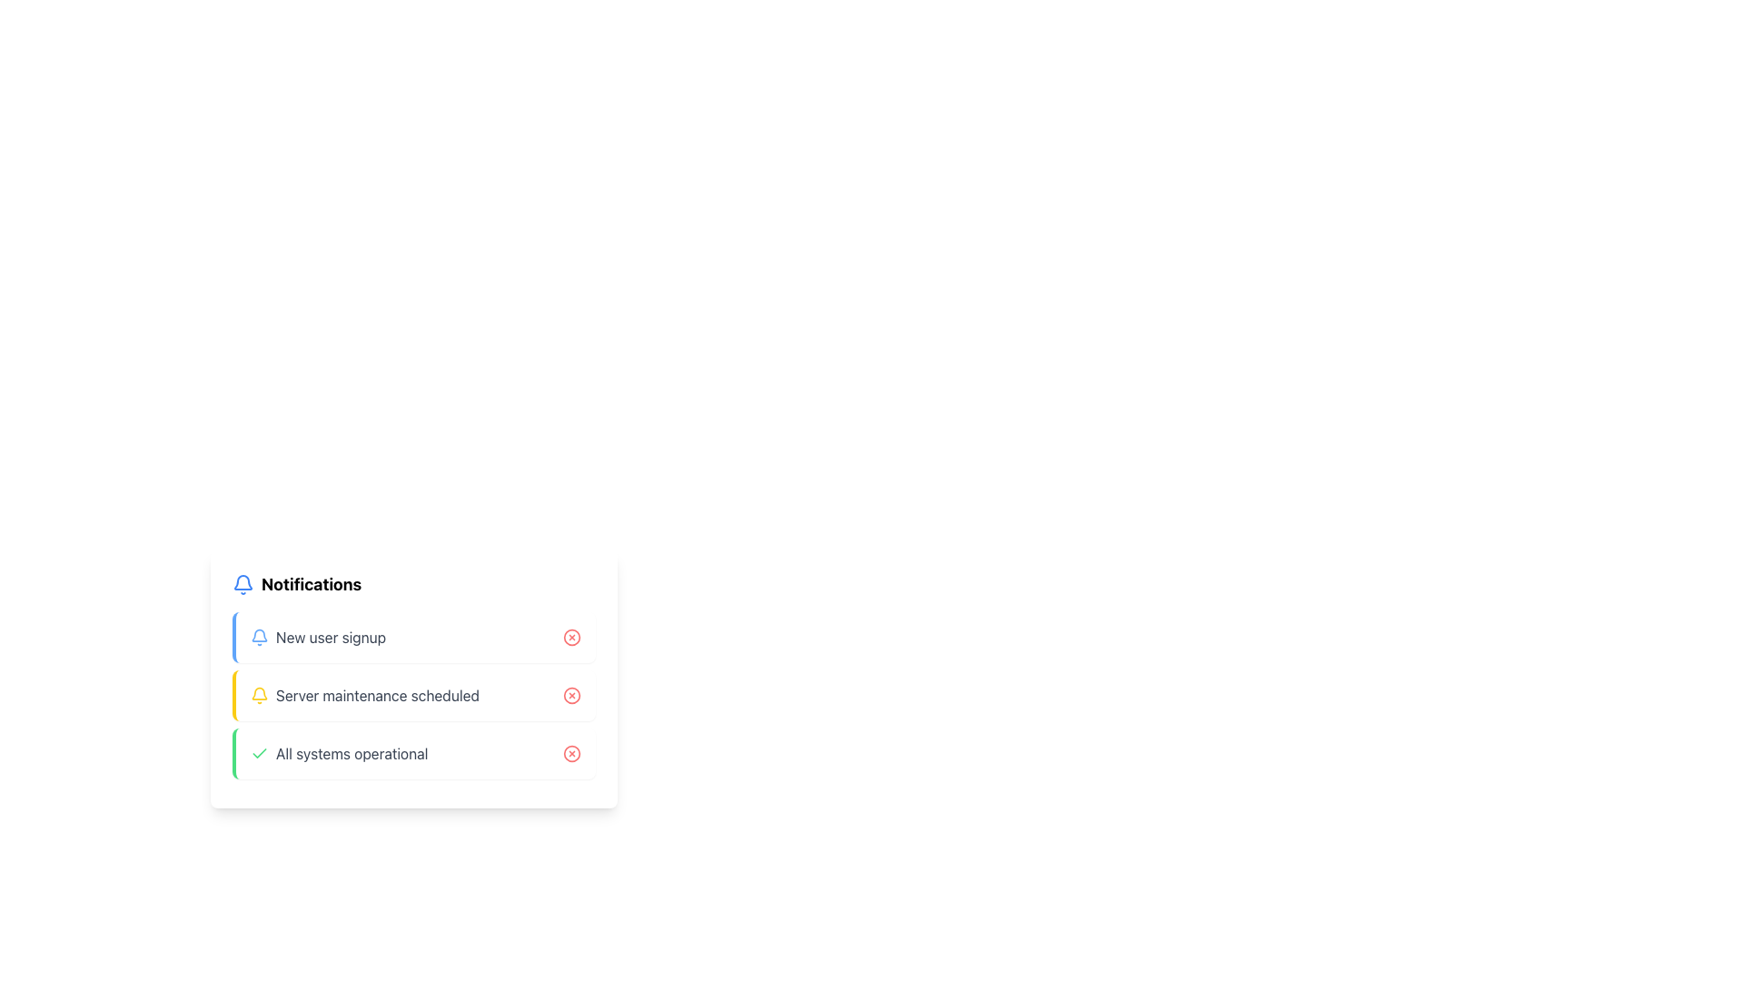  I want to click on the circular button located at the far-right side of the third notification entry titled 'All systems operational', so click(570, 753).